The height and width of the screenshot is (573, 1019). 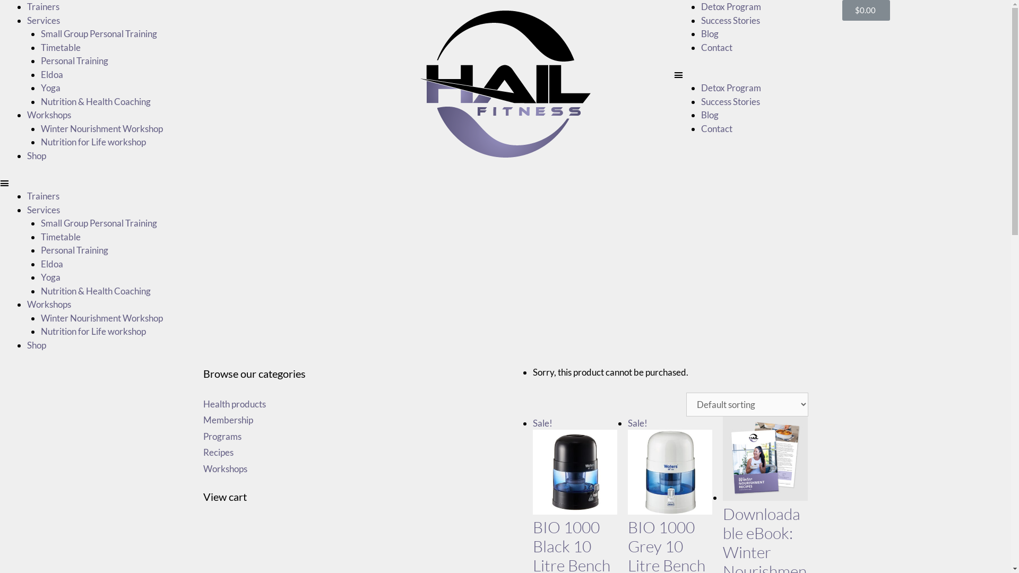 I want to click on 'Workshops', so click(x=27, y=304).